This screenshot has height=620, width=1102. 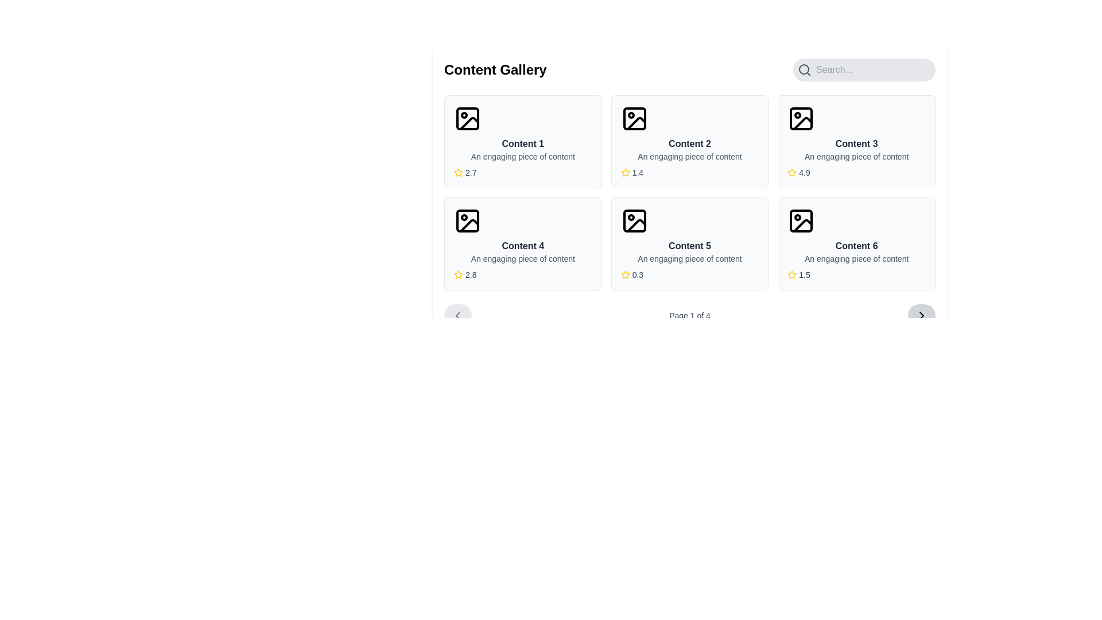 What do you see at coordinates (689, 141) in the screenshot?
I see `the title 'Content 2' of the Card component in the Content Gallery for more information` at bounding box center [689, 141].